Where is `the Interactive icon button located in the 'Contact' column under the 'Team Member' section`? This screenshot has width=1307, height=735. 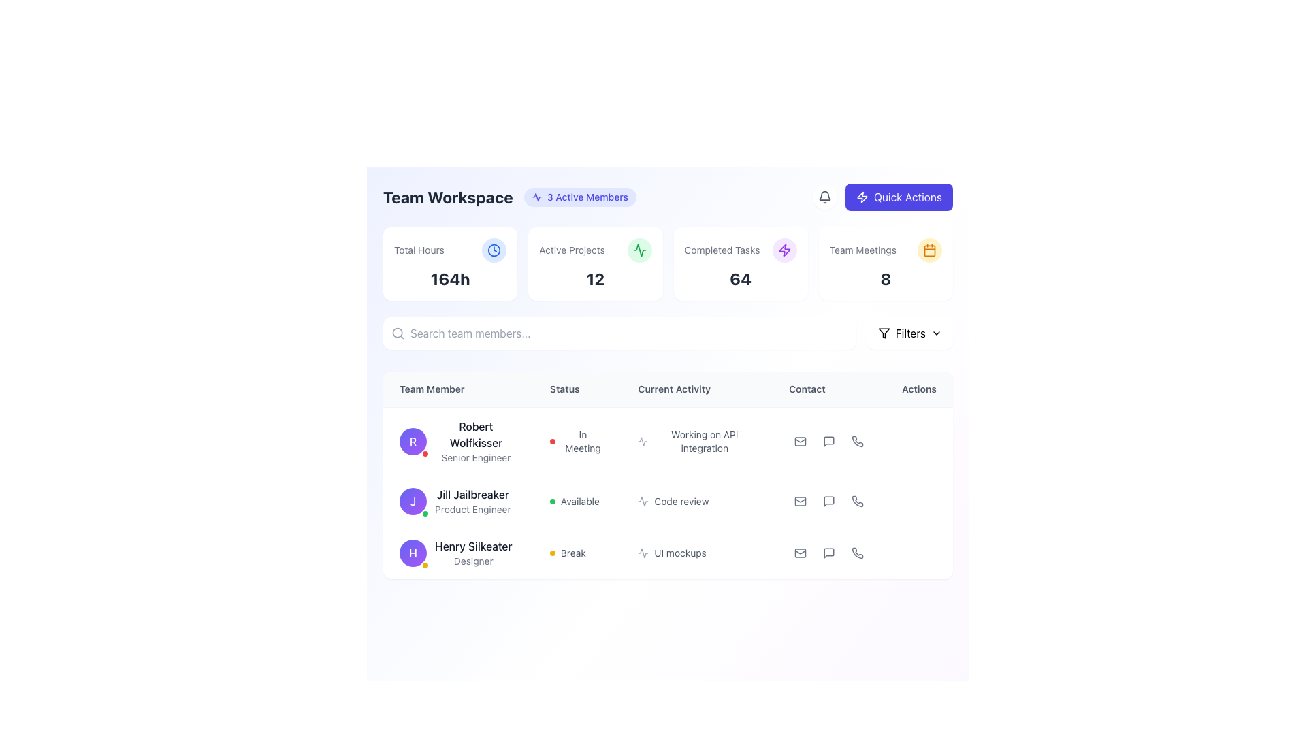
the Interactive icon button located in the 'Contact' column under the 'Team Member' section is located at coordinates (828, 441).